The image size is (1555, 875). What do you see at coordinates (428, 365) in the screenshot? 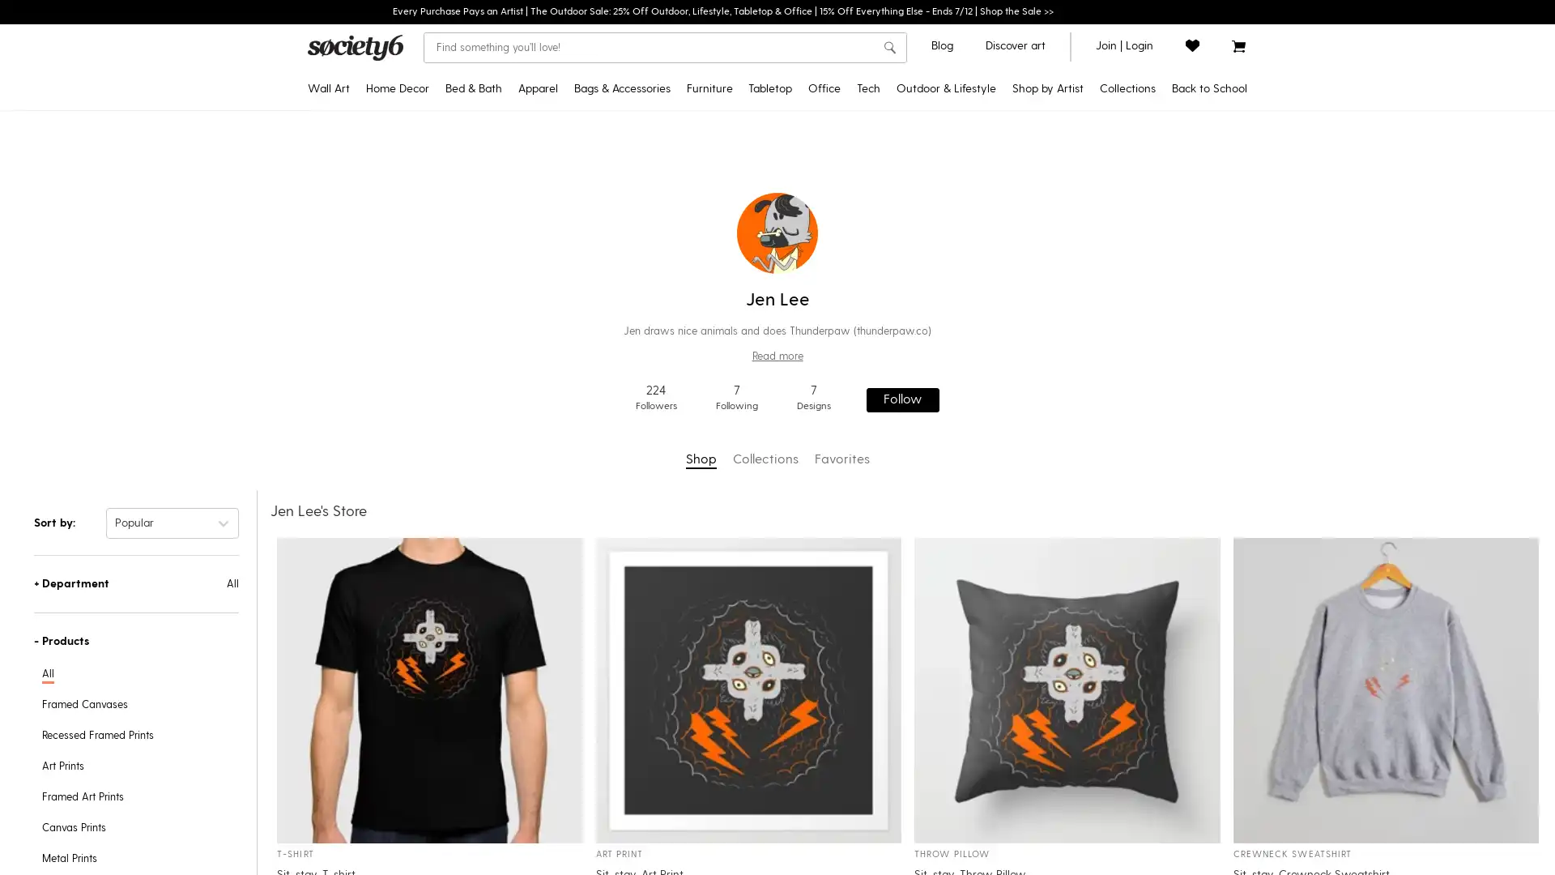
I see `Area Rugs` at bounding box center [428, 365].